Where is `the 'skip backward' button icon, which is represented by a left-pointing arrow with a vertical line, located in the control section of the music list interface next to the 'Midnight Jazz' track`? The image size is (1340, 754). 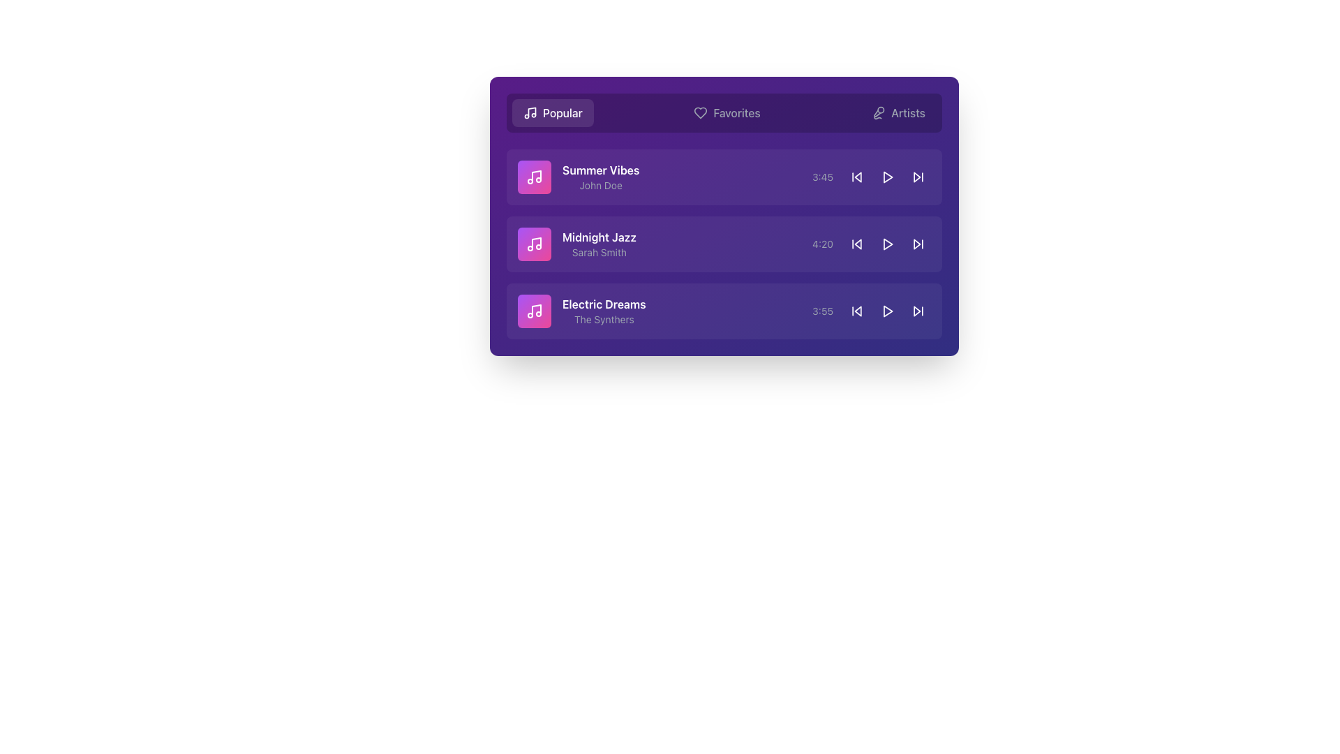 the 'skip backward' button icon, which is represented by a left-pointing arrow with a vertical line, located in the control section of the music list interface next to the 'Midnight Jazz' track is located at coordinates (856, 244).